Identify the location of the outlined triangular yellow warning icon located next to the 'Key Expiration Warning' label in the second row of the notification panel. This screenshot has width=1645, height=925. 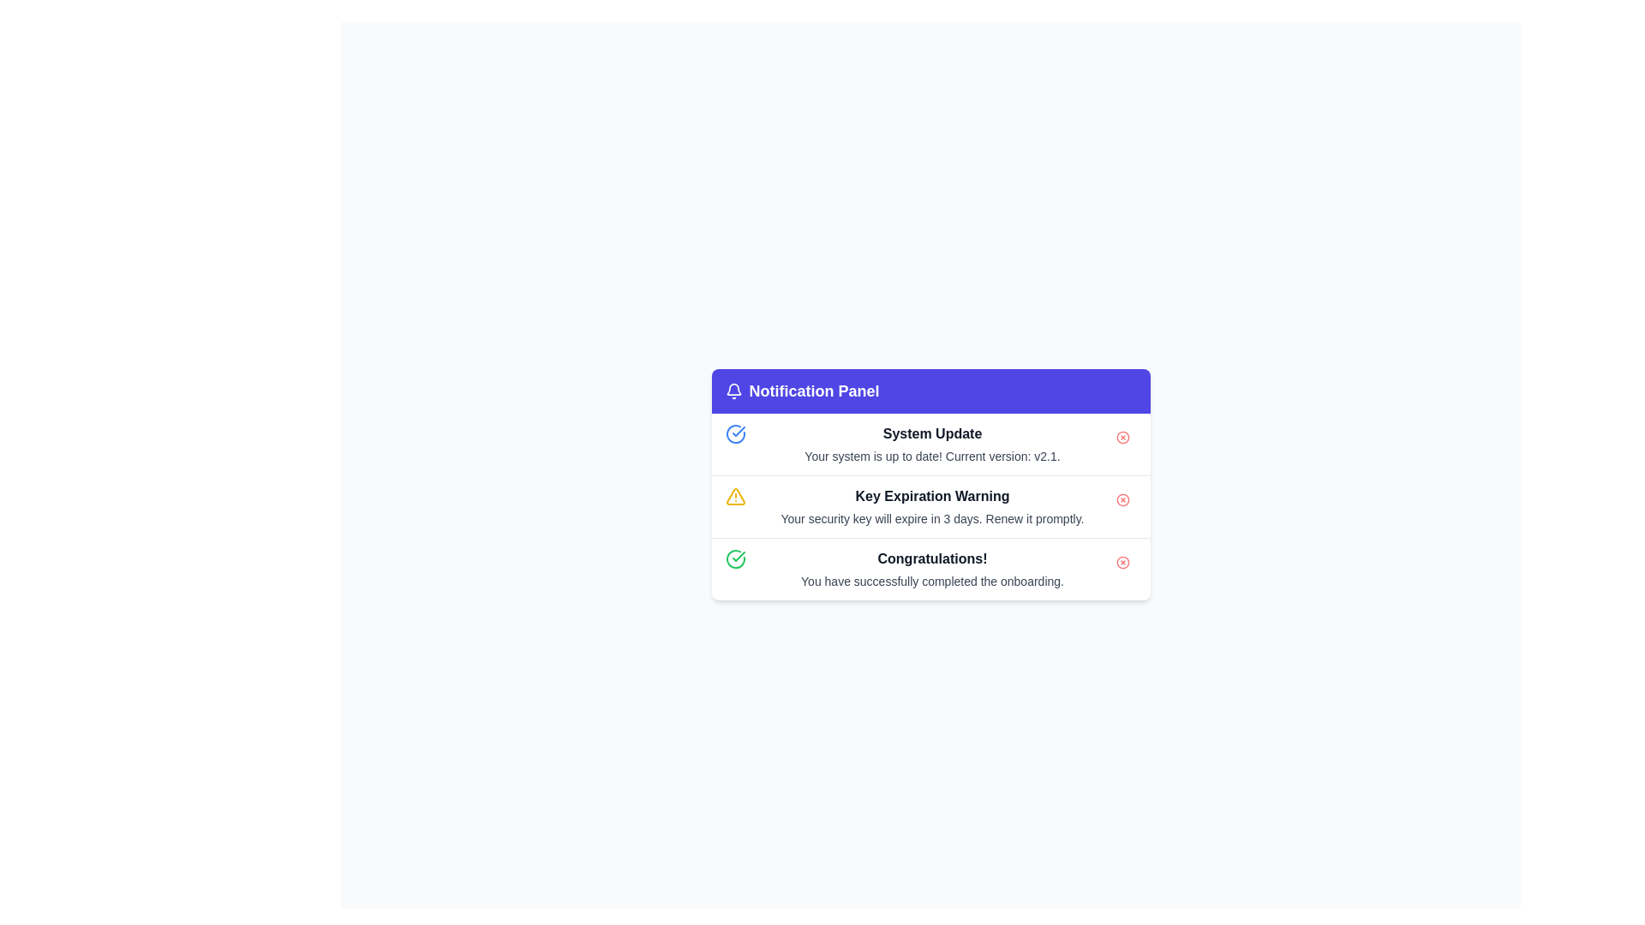
(735, 495).